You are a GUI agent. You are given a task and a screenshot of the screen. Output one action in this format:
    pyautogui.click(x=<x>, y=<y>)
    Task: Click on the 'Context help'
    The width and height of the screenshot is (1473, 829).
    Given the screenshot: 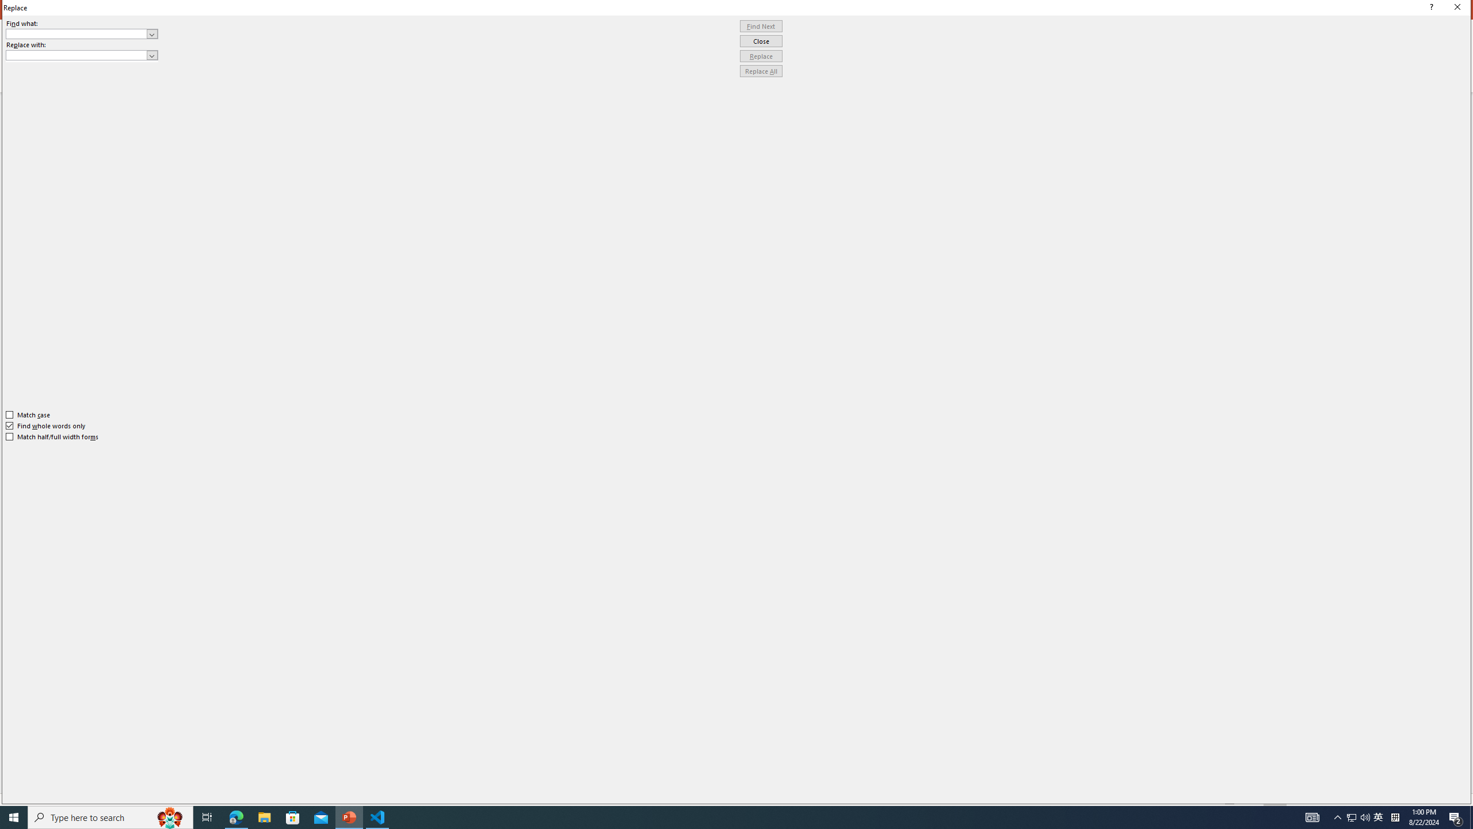 What is the action you would take?
    pyautogui.click(x=1429, y=9)
    